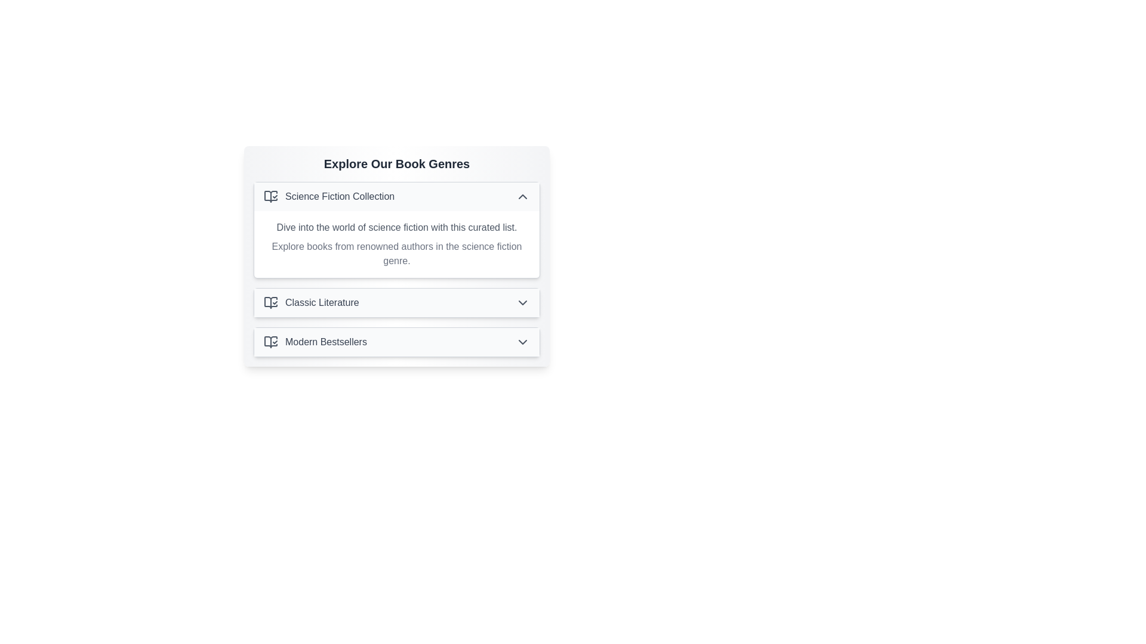 Image resolution: width=1146 pixels, height=644 pixels. Describe the element at coordinates (522, 342) in the screenshot. I see `the downward-pointing gray chevron icon at the far right end of the 'Modern Bestsellers' section` at that location.